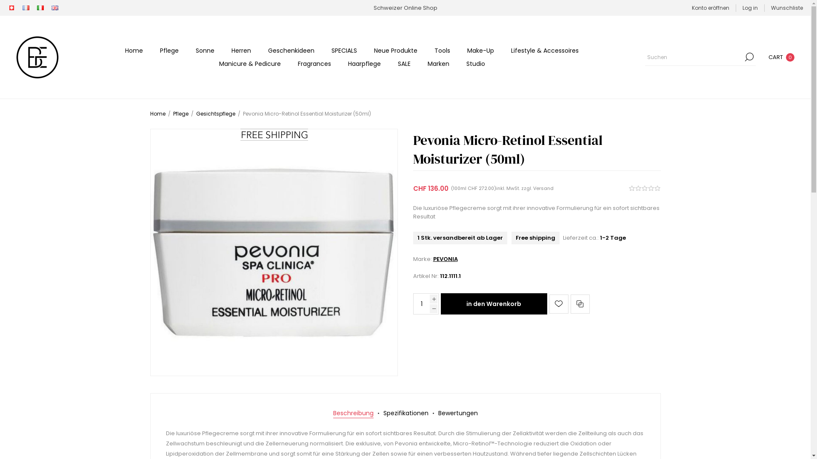 This screenshot has height=459, width=817. I want to click on 'IT', so click(33, 8).